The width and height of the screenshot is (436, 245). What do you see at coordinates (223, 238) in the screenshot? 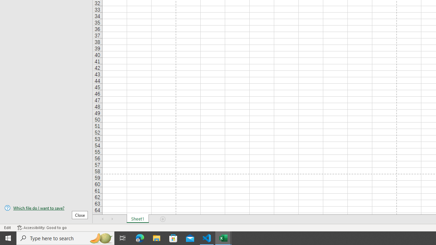
I see `'Excel - 2 running windows'` at bounding box center [223, 238].